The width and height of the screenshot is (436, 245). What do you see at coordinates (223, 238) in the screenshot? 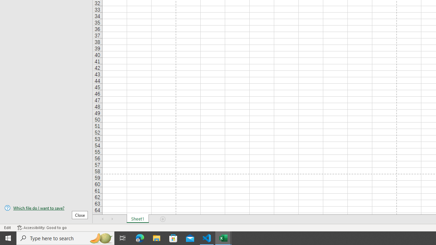
I see `'Excel - 2 running windows'` at bounding box center [223, 238].